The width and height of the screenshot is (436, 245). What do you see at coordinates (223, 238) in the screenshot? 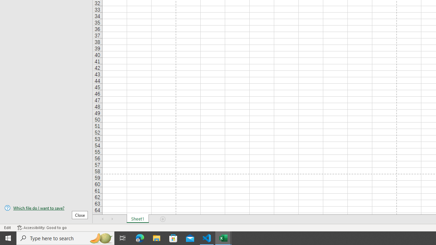
I see `'Excel - 2 running windows'` at bounding box center [223, 238].